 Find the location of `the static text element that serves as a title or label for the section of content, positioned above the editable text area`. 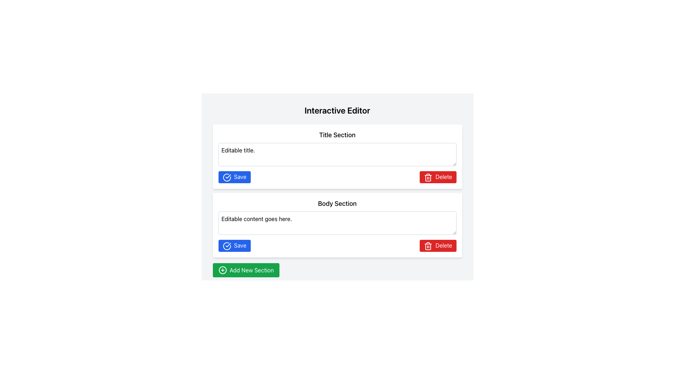

the static text element that serves as a title or label for the section of content, positioned above the editable text area is located at coordinates (337, 203).